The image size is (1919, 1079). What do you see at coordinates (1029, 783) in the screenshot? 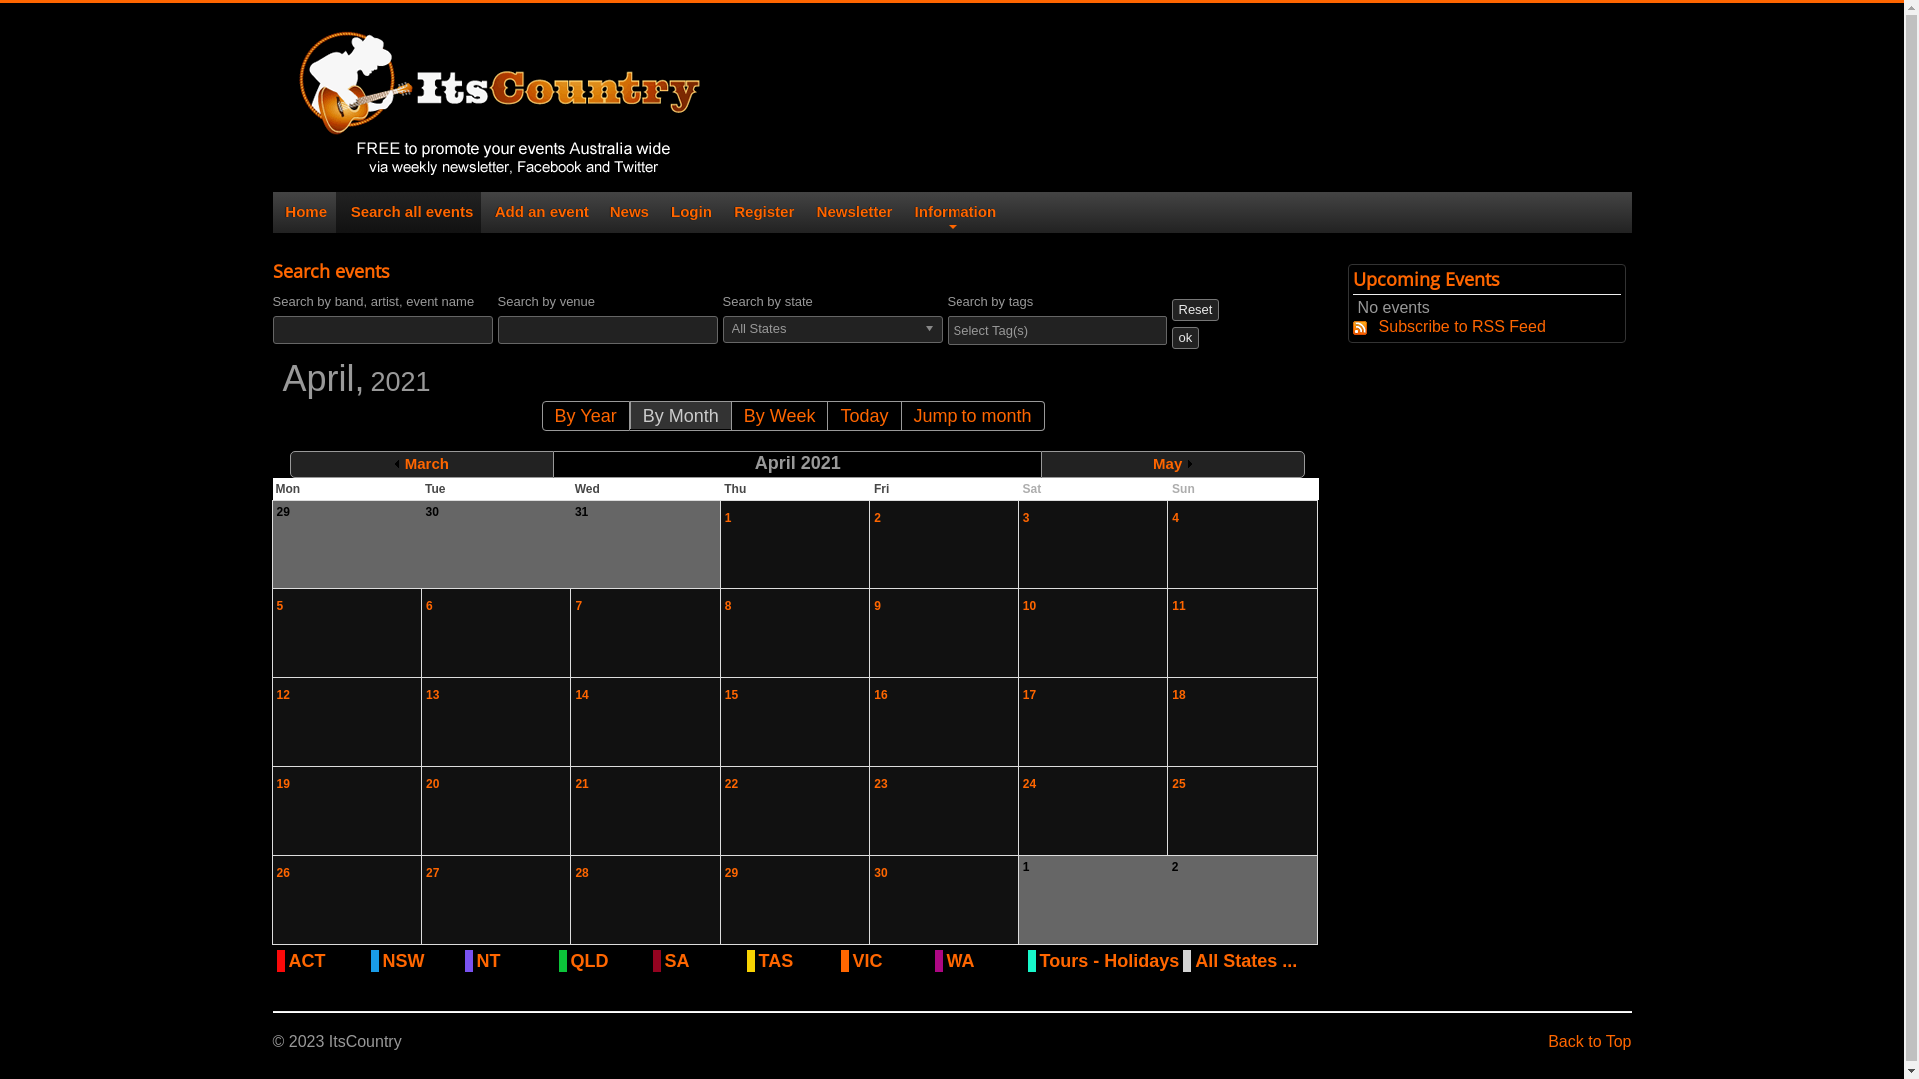
I see `'24'` at bounding box center [1029, 783].